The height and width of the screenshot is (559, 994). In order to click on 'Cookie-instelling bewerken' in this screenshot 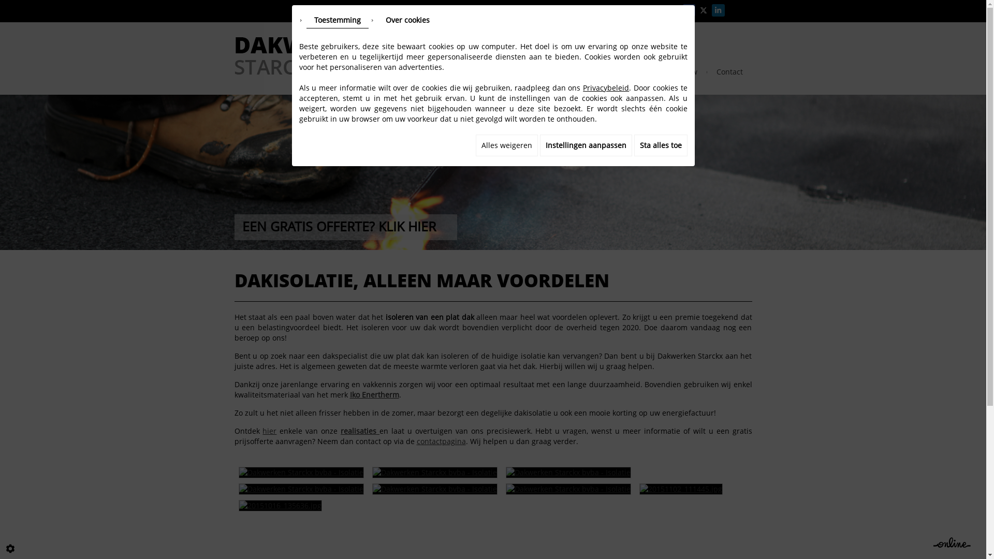, I will do `click(2, 548)`.